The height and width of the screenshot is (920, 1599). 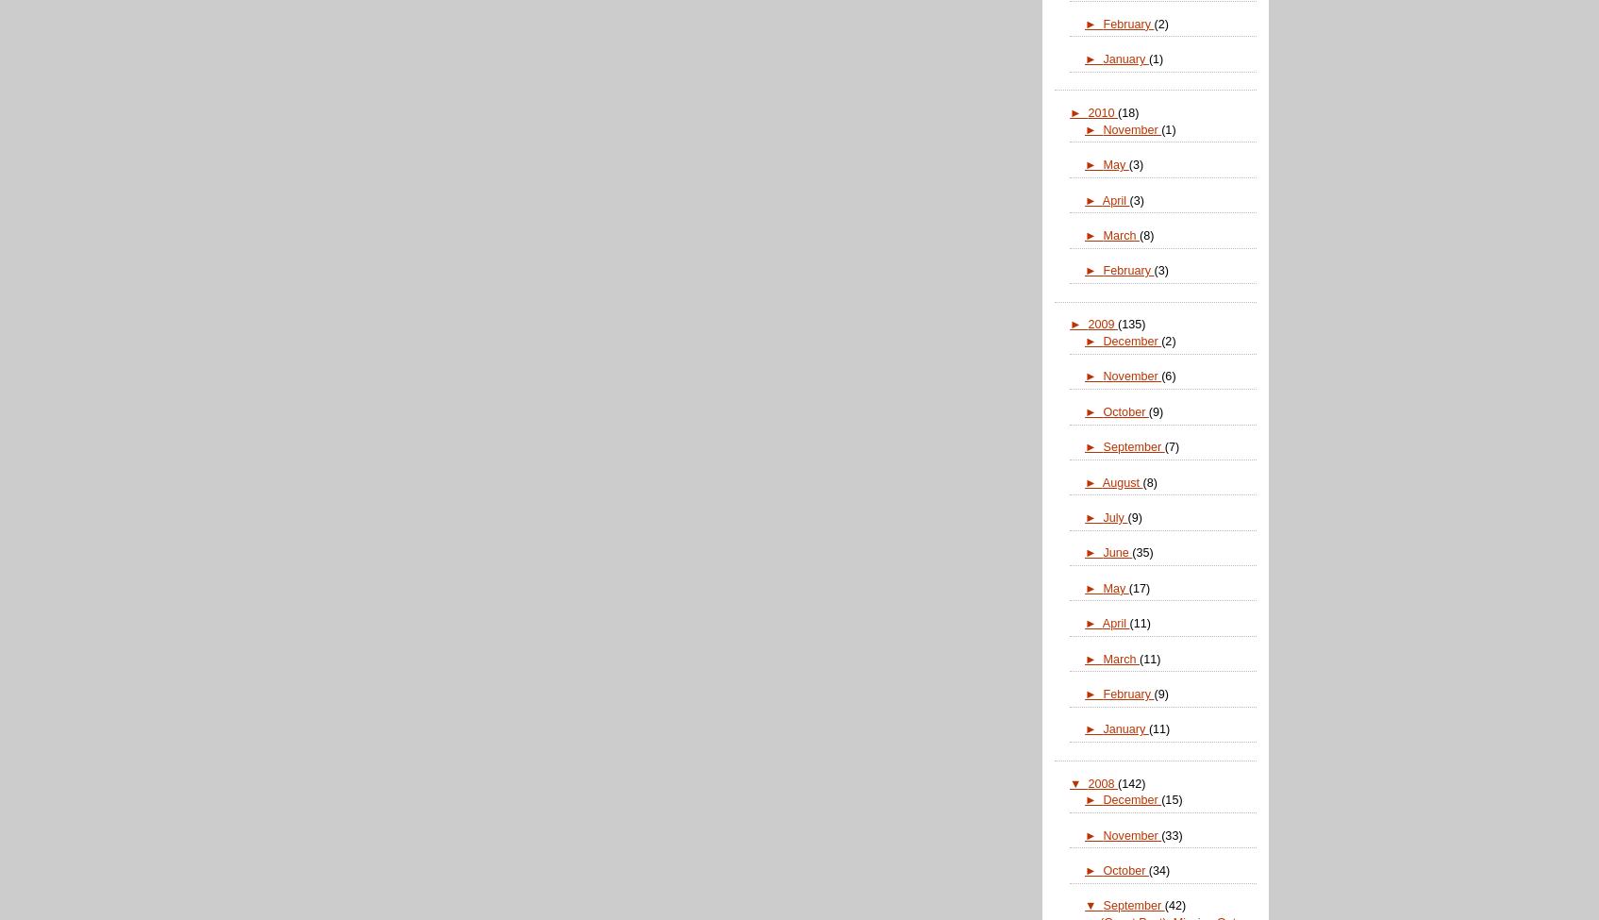 I want to click on '(15)', so click(x=1161, y=799).